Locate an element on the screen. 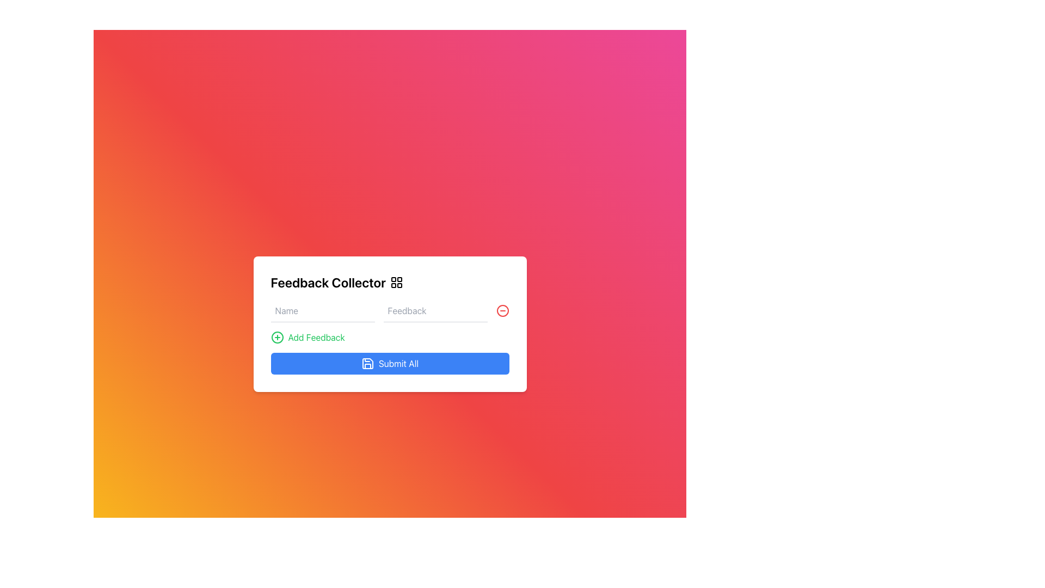  the save icon, which is a floppy disk outline with rounded corners, located next to the 'Submit All' button is located at coordinates (367, 363).